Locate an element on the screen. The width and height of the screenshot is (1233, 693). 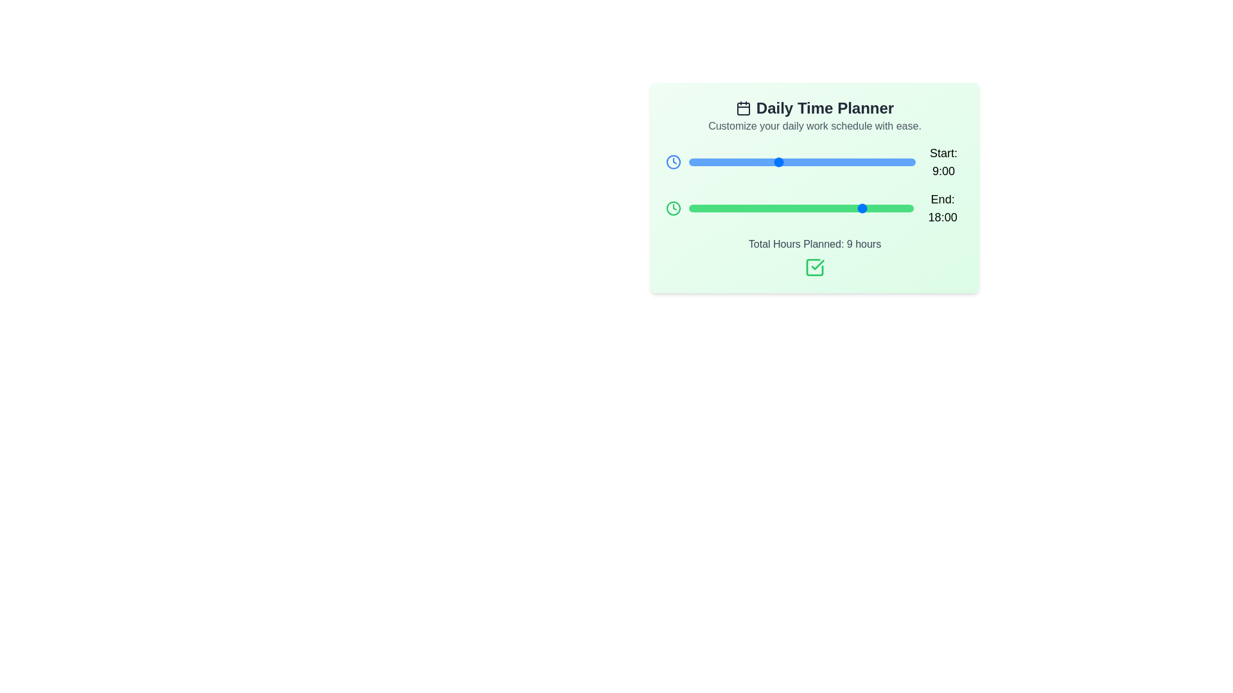
the 'Start' slider to set the start time to 14 is located at coordinates (826, 162).